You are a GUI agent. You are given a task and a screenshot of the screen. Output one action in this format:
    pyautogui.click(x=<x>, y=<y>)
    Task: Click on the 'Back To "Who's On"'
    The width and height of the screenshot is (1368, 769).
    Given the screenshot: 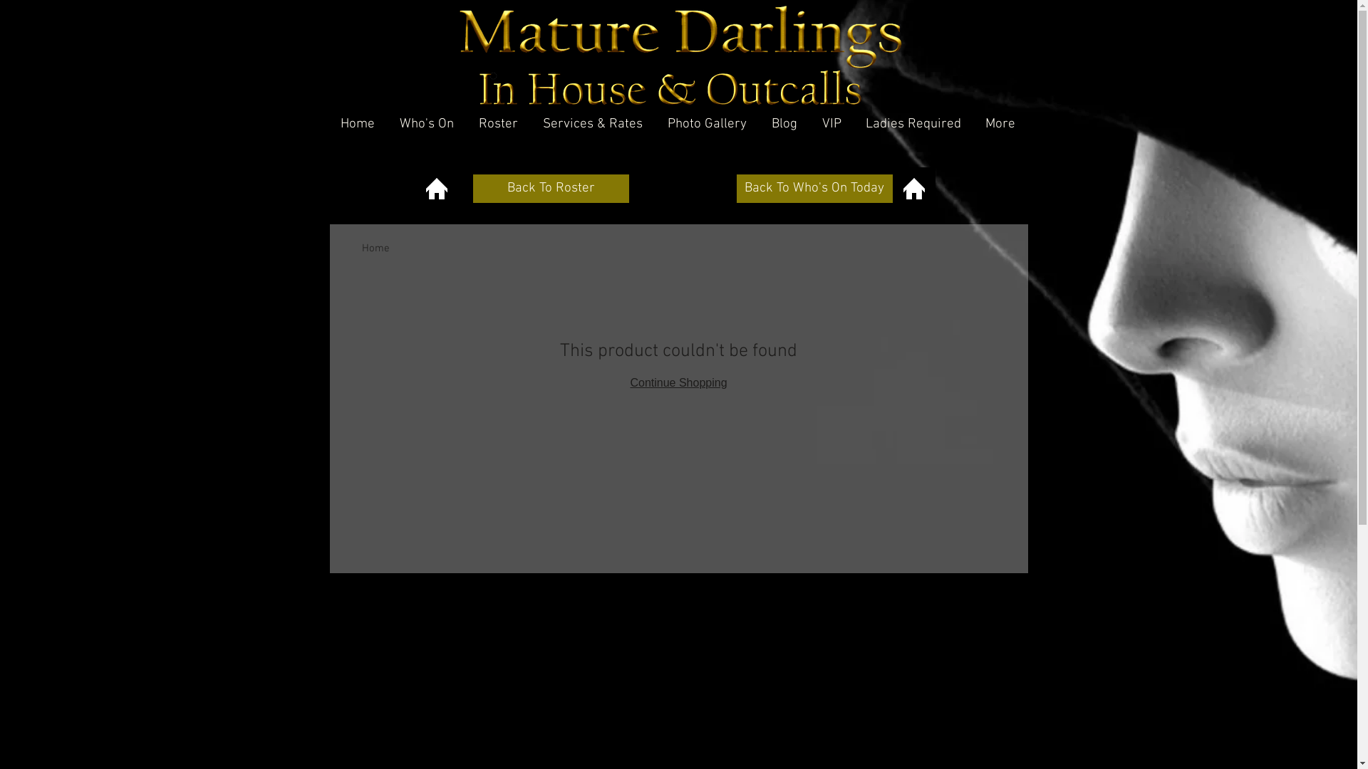 What is the action you would take?
    pyautogui.click(x=913, y=188)
    